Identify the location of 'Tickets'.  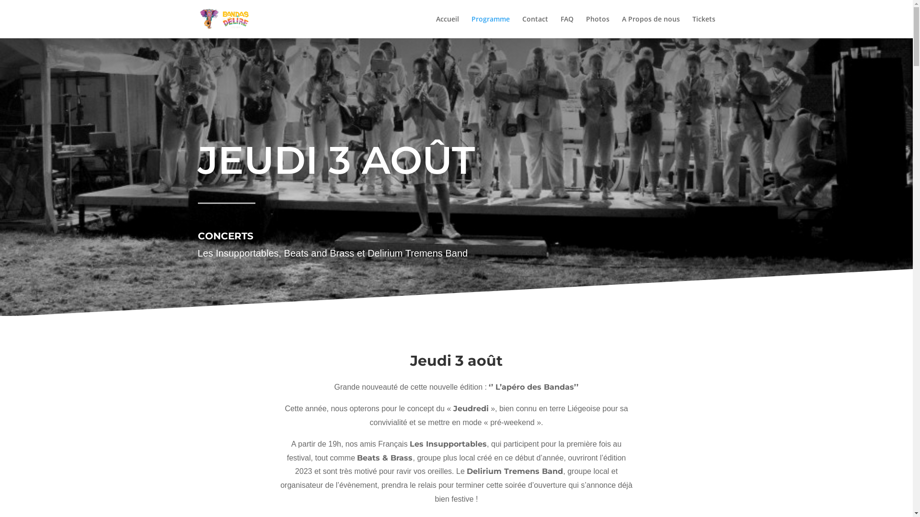
(692, 26).